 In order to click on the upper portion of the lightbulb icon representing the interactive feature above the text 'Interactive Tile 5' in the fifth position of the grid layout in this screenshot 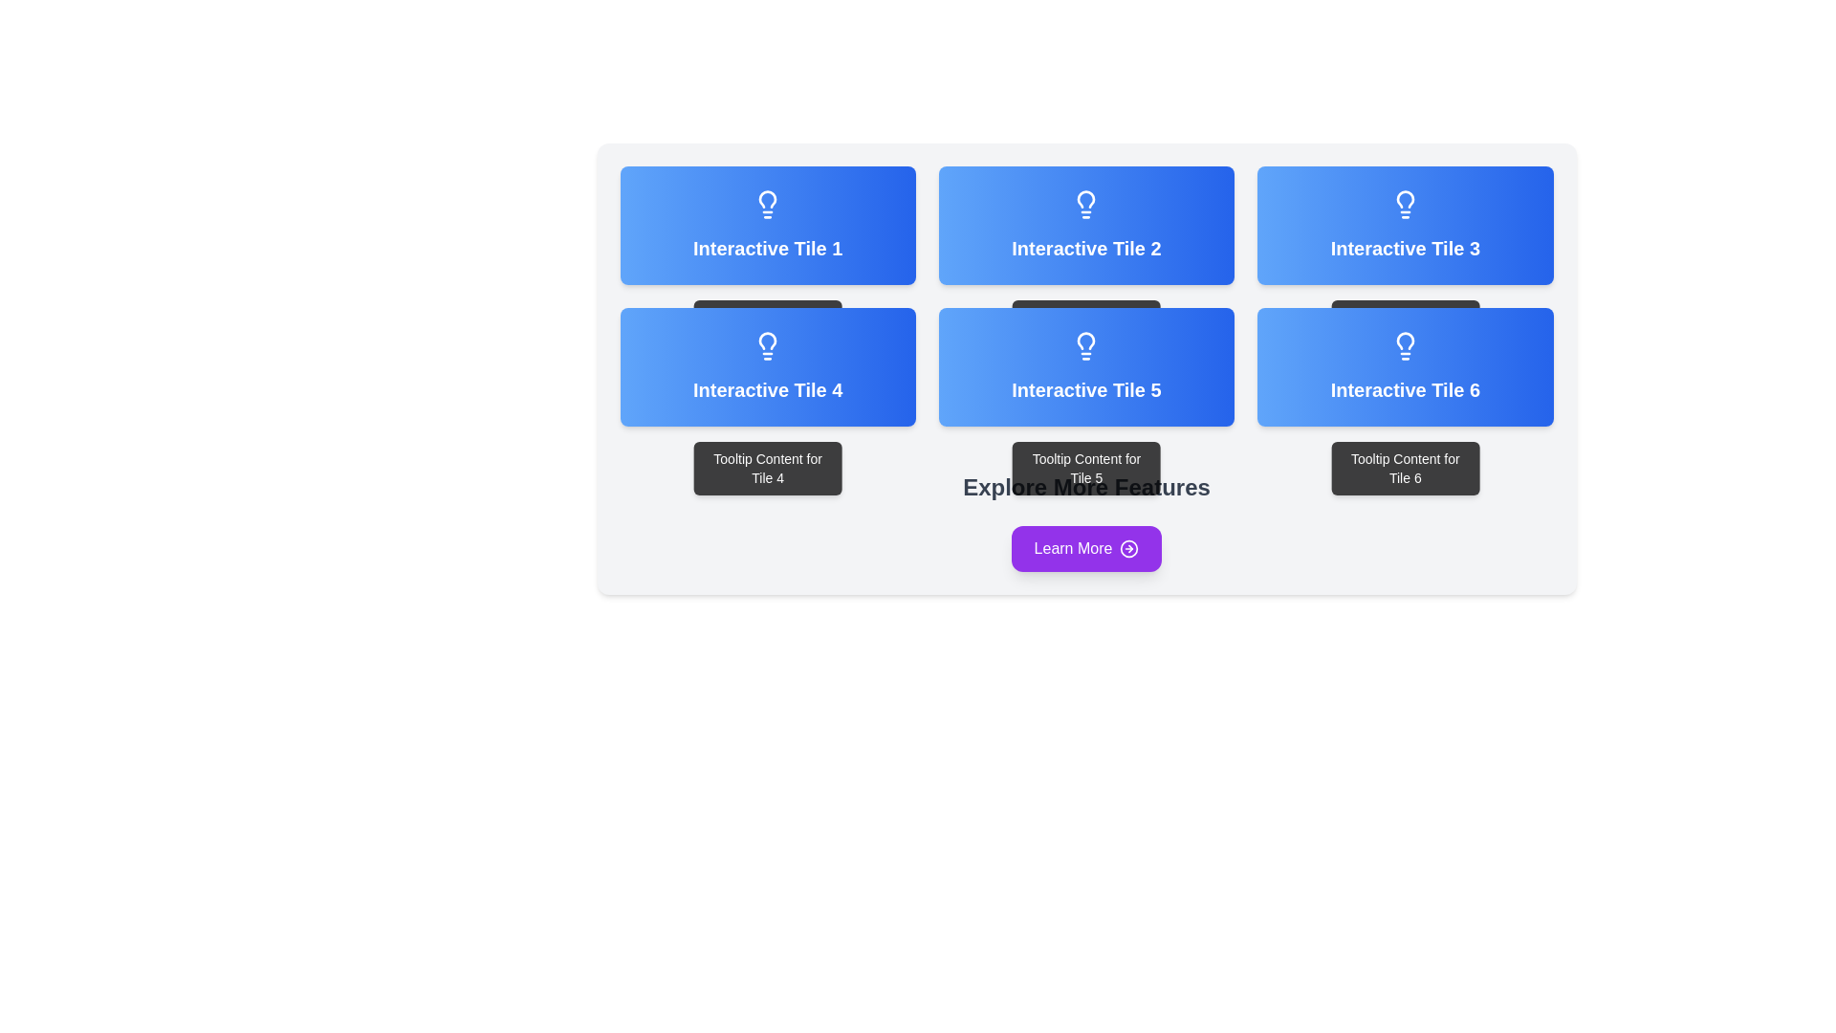, I will do `click(1086, 340)`.